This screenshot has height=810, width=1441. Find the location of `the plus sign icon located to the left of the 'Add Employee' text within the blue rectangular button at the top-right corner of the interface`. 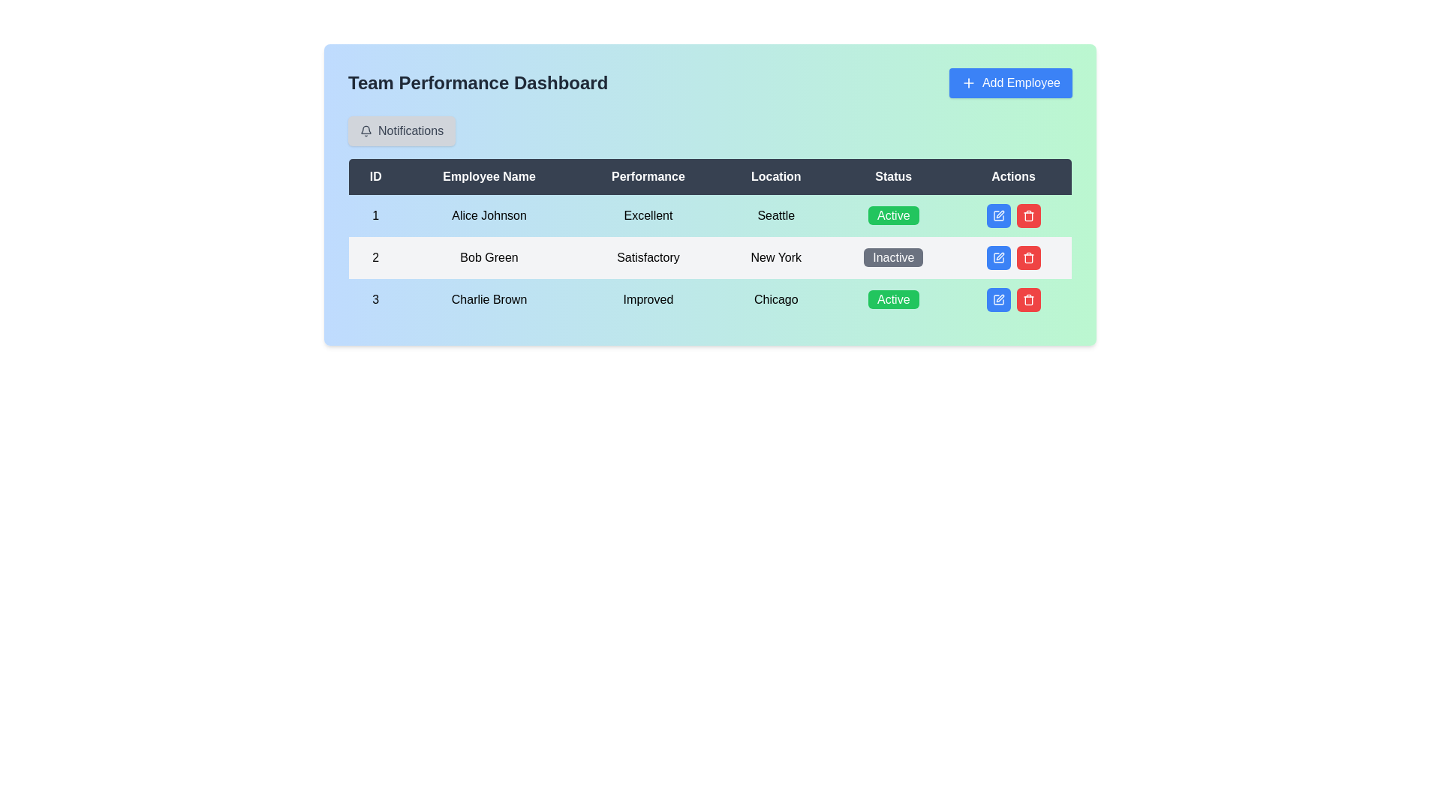

the plus sign icon located to the left of the 'Add Employee' text within the blue rectangular button at the top-right corner of the interface is located at coordinates (969, 83).